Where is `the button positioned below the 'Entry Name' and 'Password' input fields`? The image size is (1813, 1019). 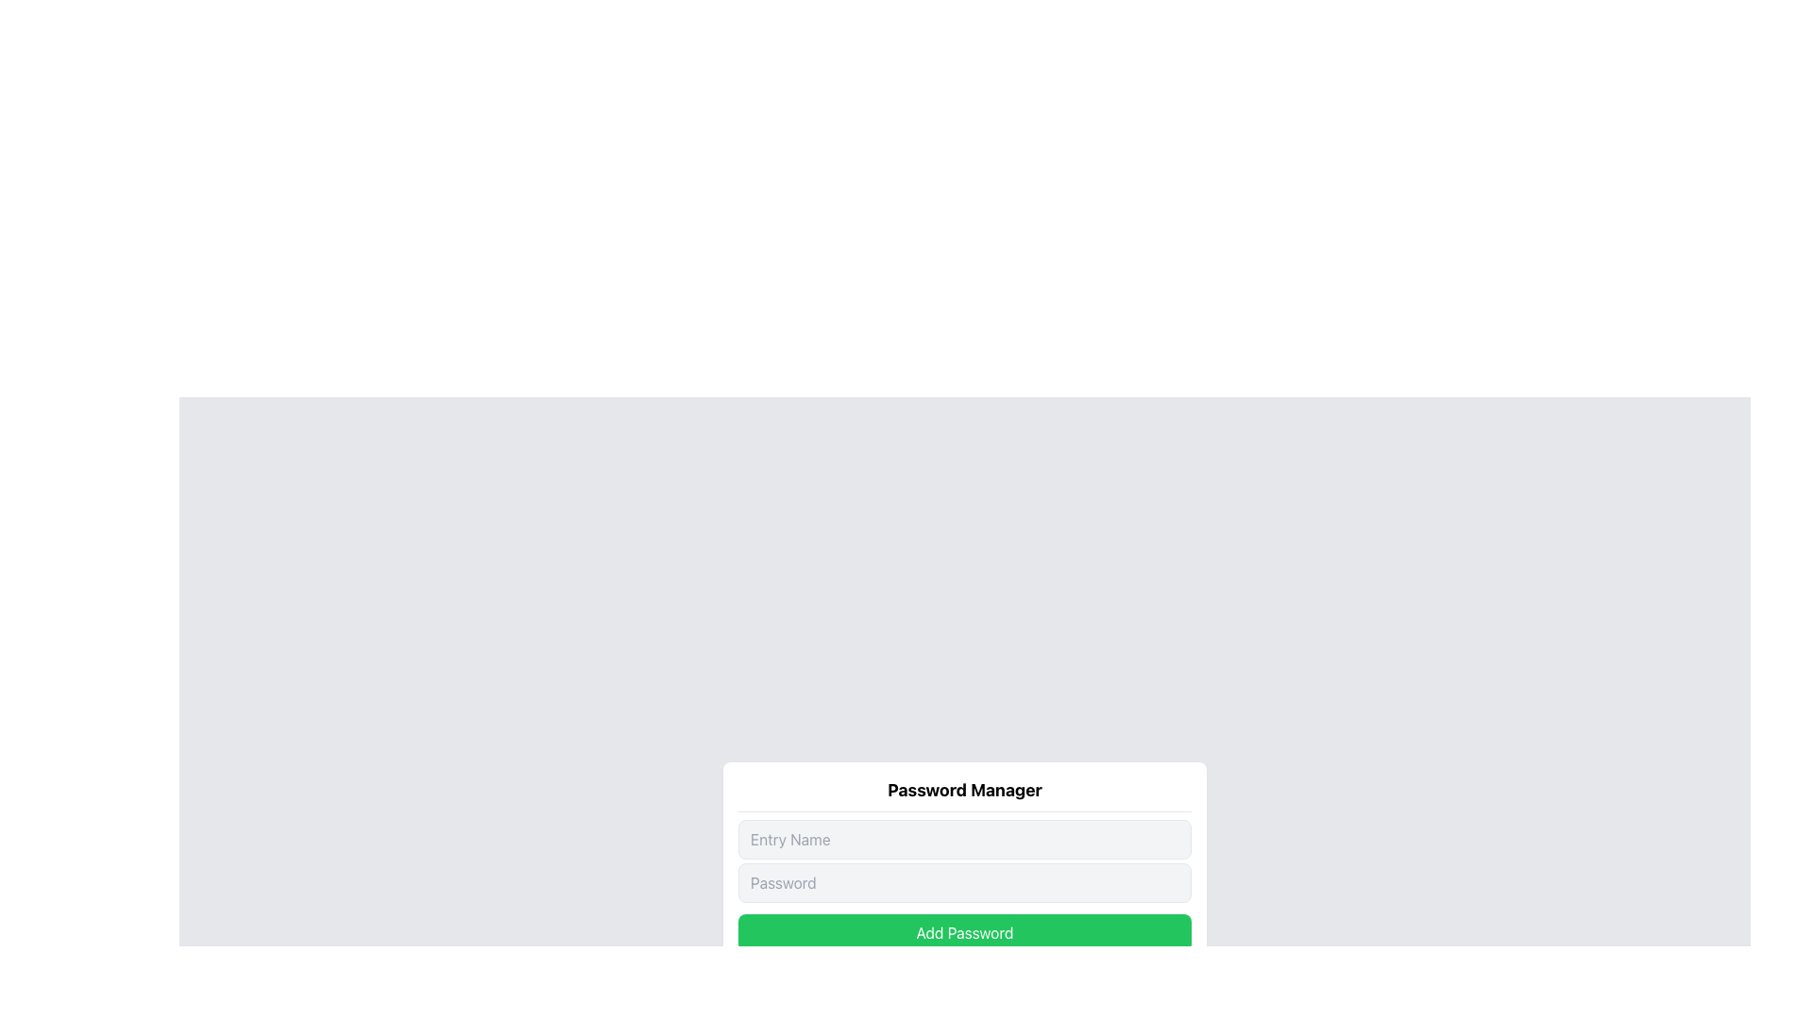 the button positioned below the 'Entry Name' and 'Password' input fields is located at coordinates (965, 930).